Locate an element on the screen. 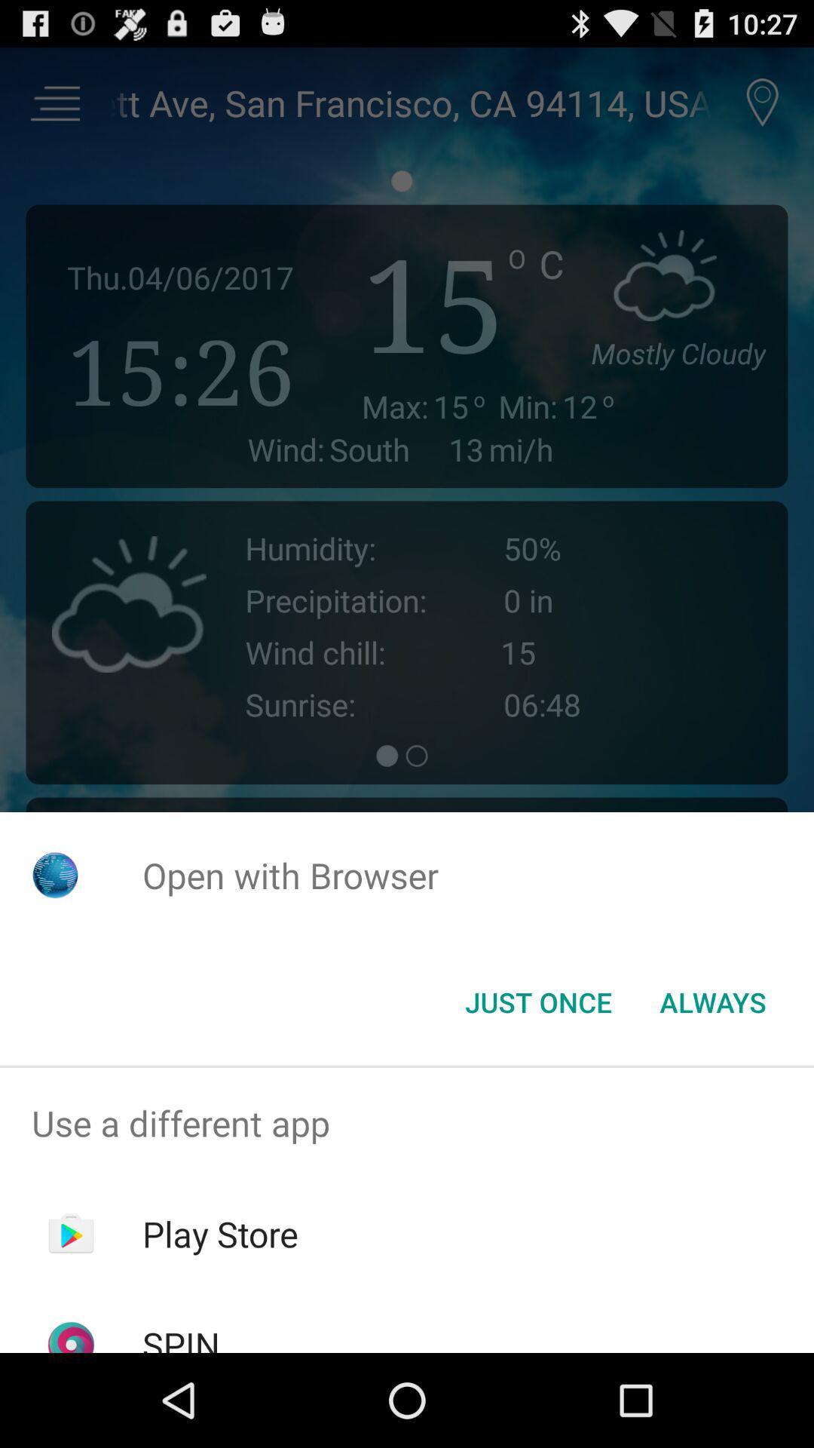 Image resolution: width=814 pixels, height=1448 pixels. the spin item is located at coordinates (180, 1336).